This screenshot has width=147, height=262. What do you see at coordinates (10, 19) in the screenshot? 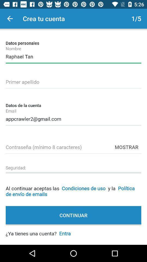
I see `item to the left of crea tu cuenta item` at bounding box center [10, 19].